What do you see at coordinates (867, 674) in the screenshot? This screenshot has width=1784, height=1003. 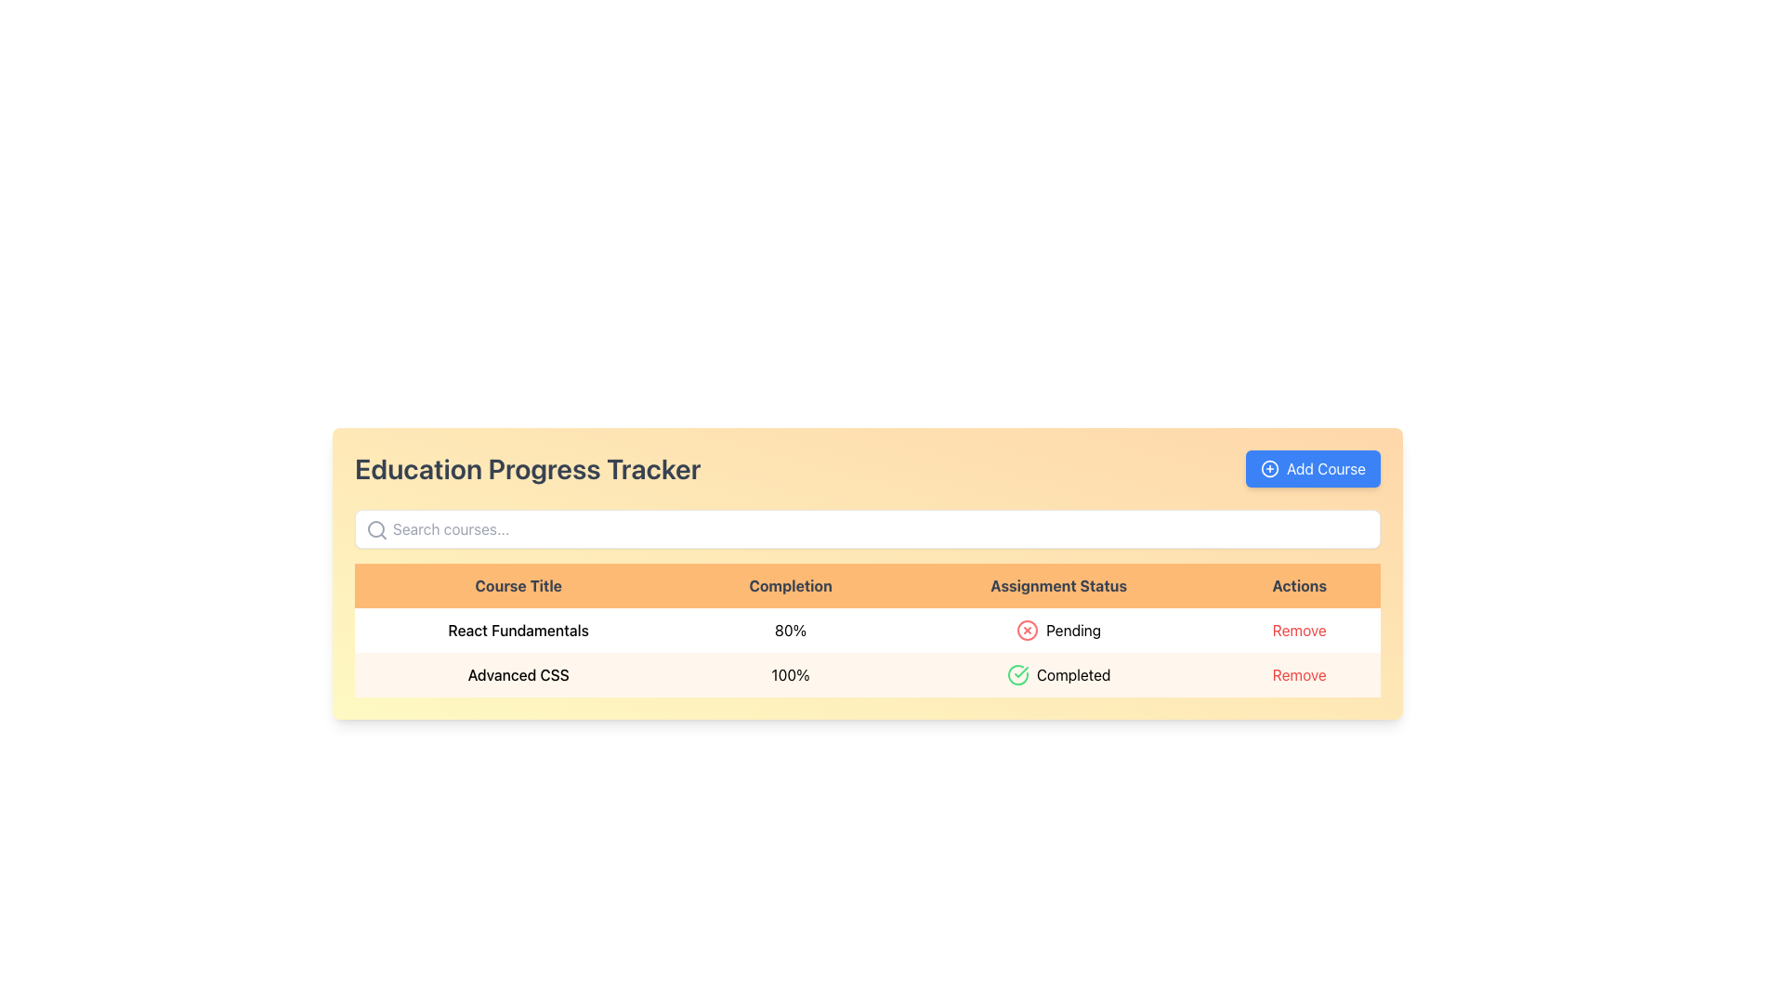 I see `the row in the data table containing 'Advanced CSS', which includes a green checkmark and the option to 'Remove', to modify the course details` at bounding box center [867, 674].